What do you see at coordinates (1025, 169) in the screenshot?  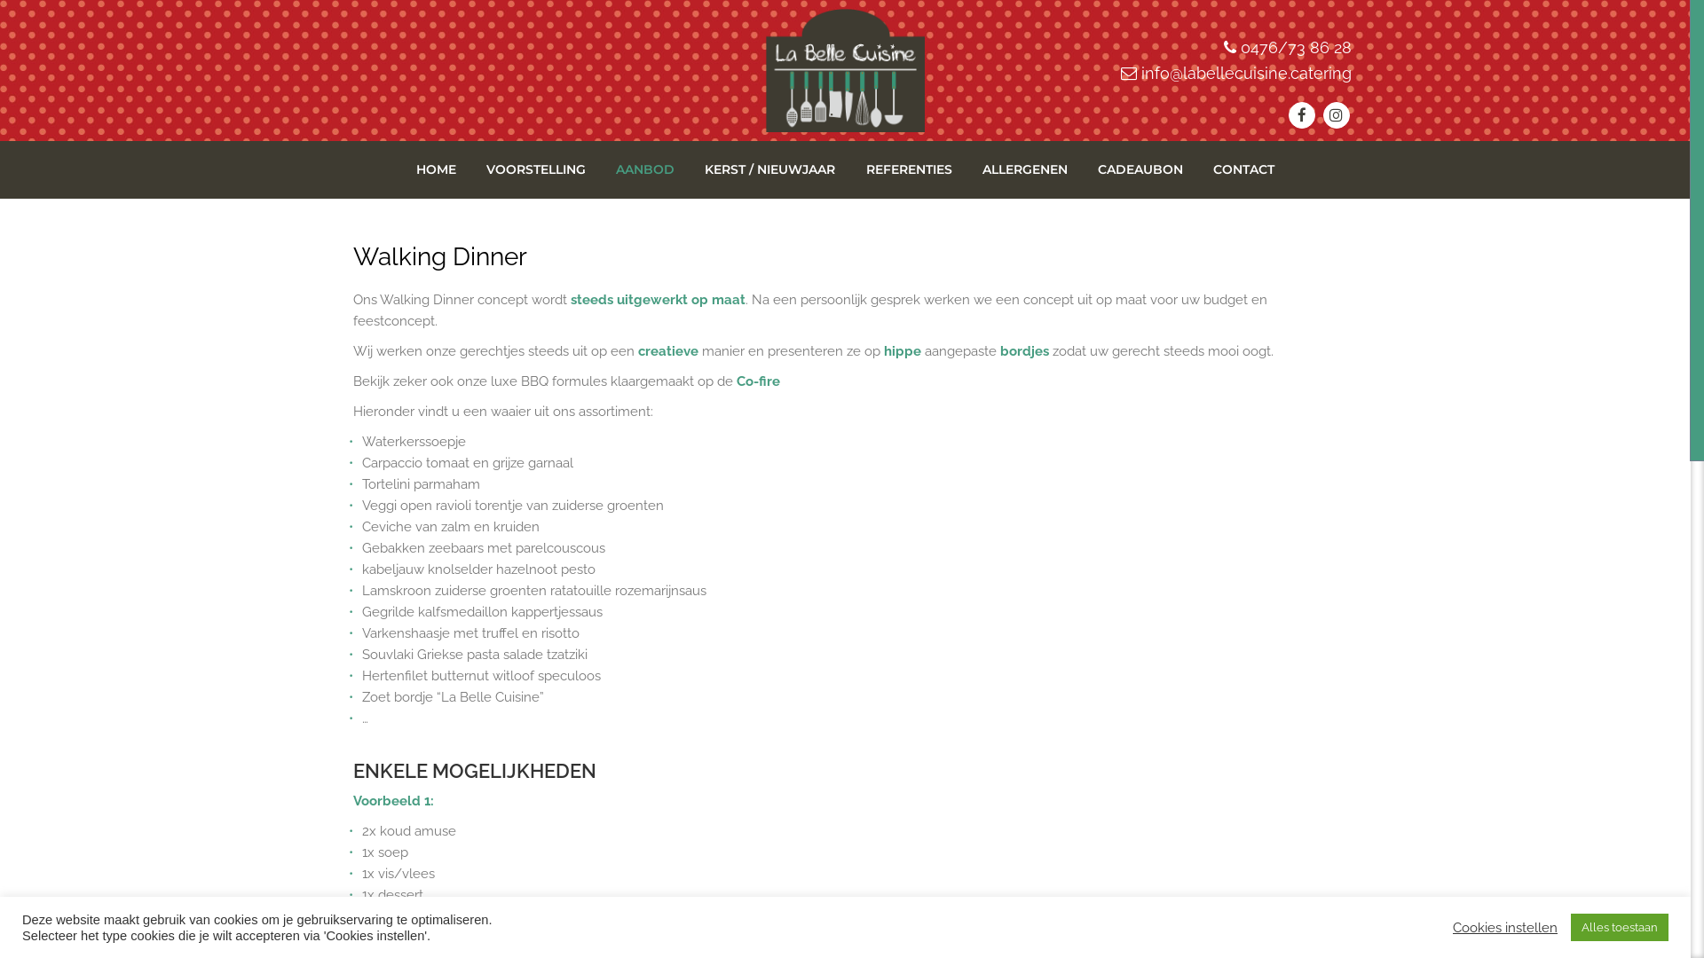 I see `'ALLERGENEN'` at bounding box center [1025, 169].